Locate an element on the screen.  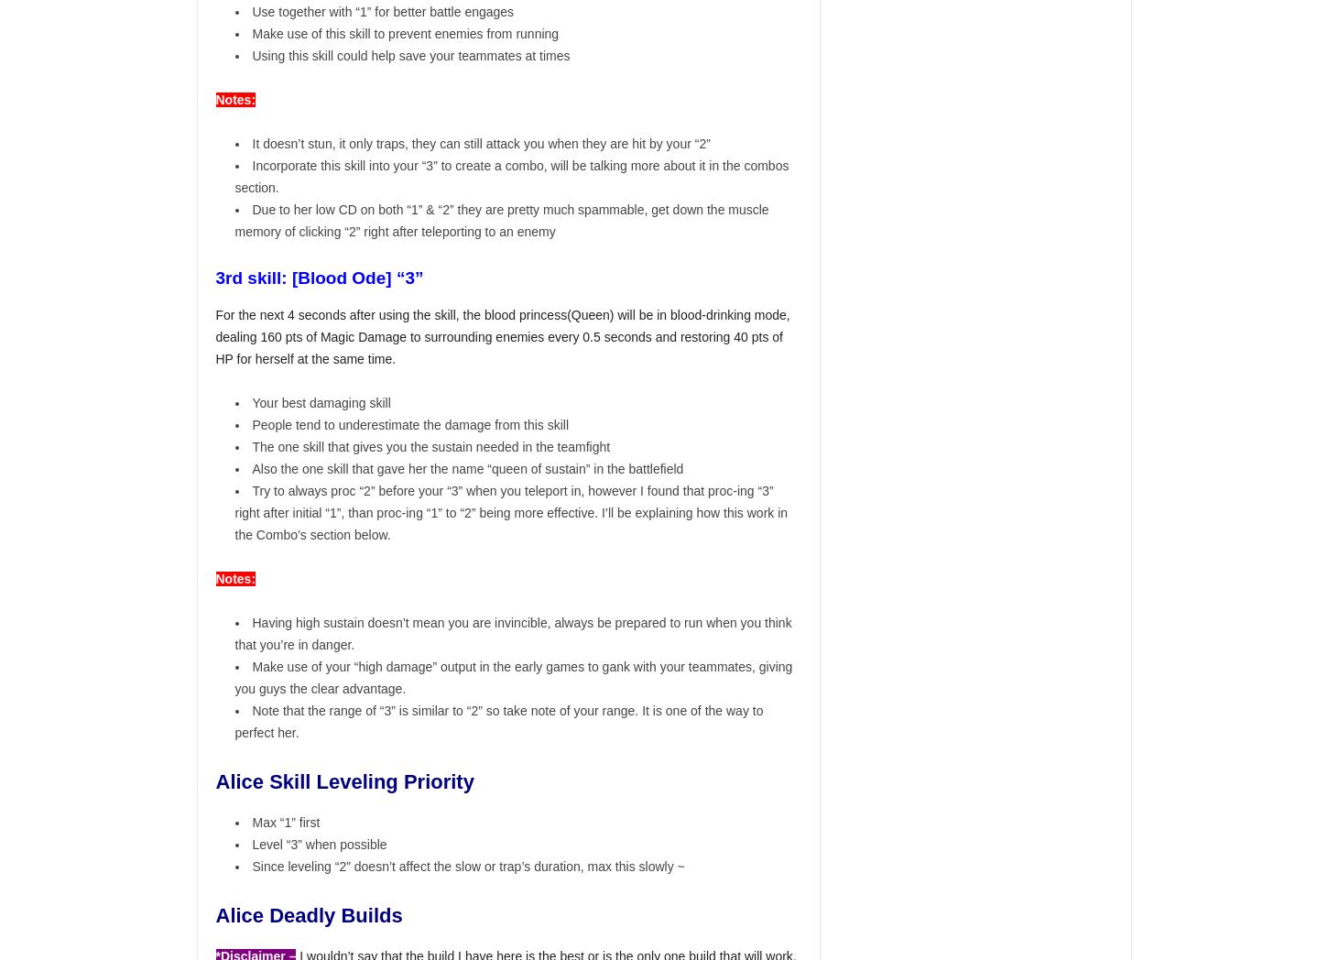
'Since leveling “2” doesn’t affect the slow or trap’s duration, max this slowly ~' is located at coordinates (467, 867).